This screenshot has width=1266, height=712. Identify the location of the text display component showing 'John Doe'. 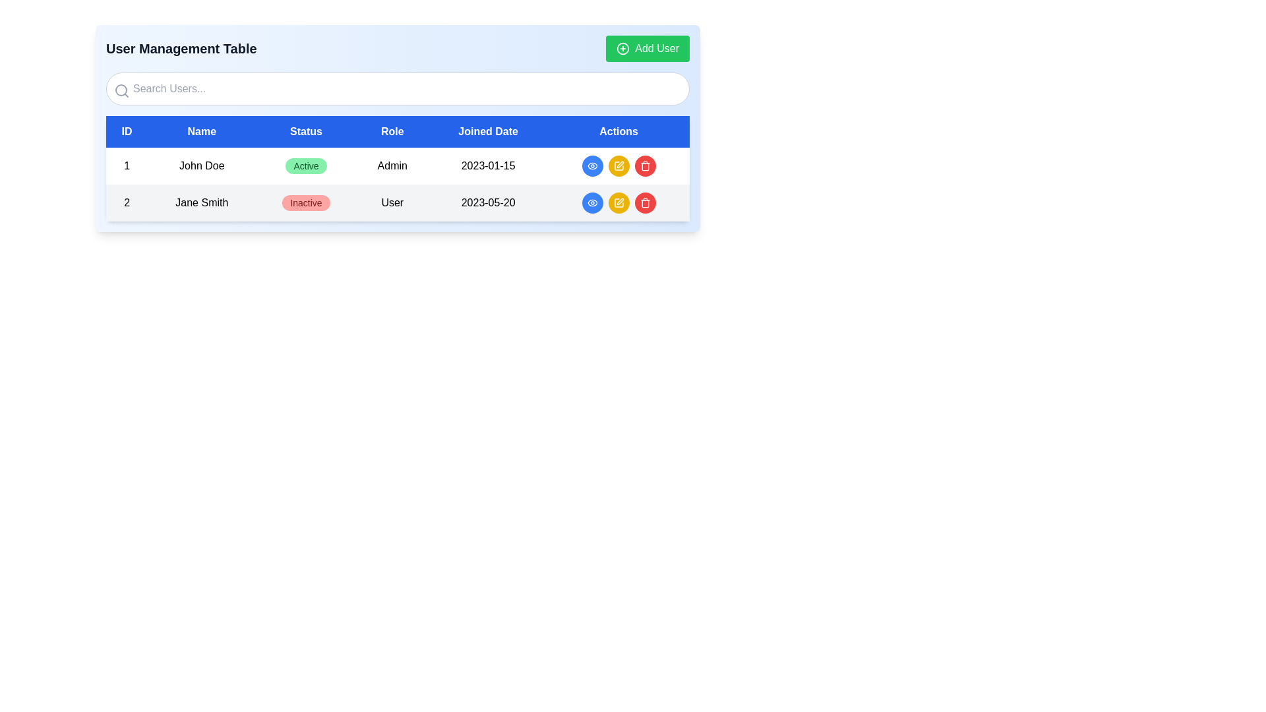
(201, 165).